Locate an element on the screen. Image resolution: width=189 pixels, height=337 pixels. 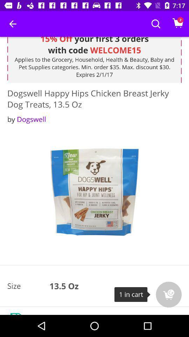
by dogswell is located at coordinates (26, 119).